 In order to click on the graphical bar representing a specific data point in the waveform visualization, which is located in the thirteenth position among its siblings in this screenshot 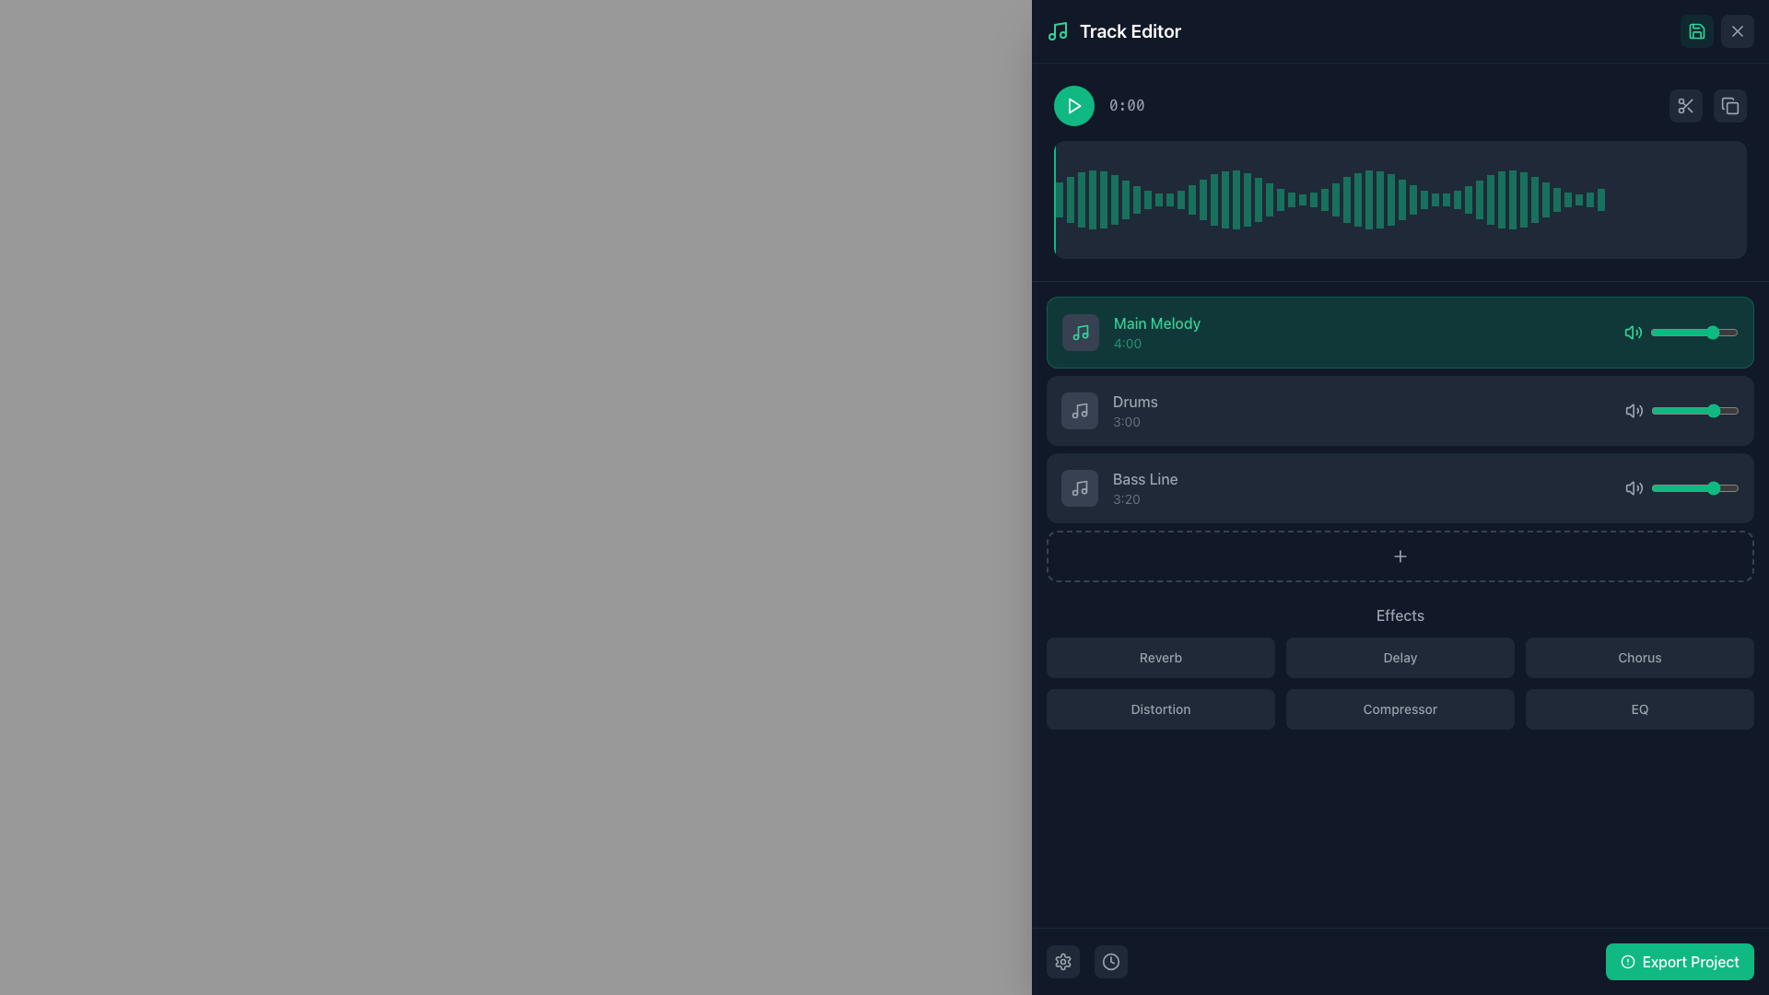, I will do `click(1192, 199)`.